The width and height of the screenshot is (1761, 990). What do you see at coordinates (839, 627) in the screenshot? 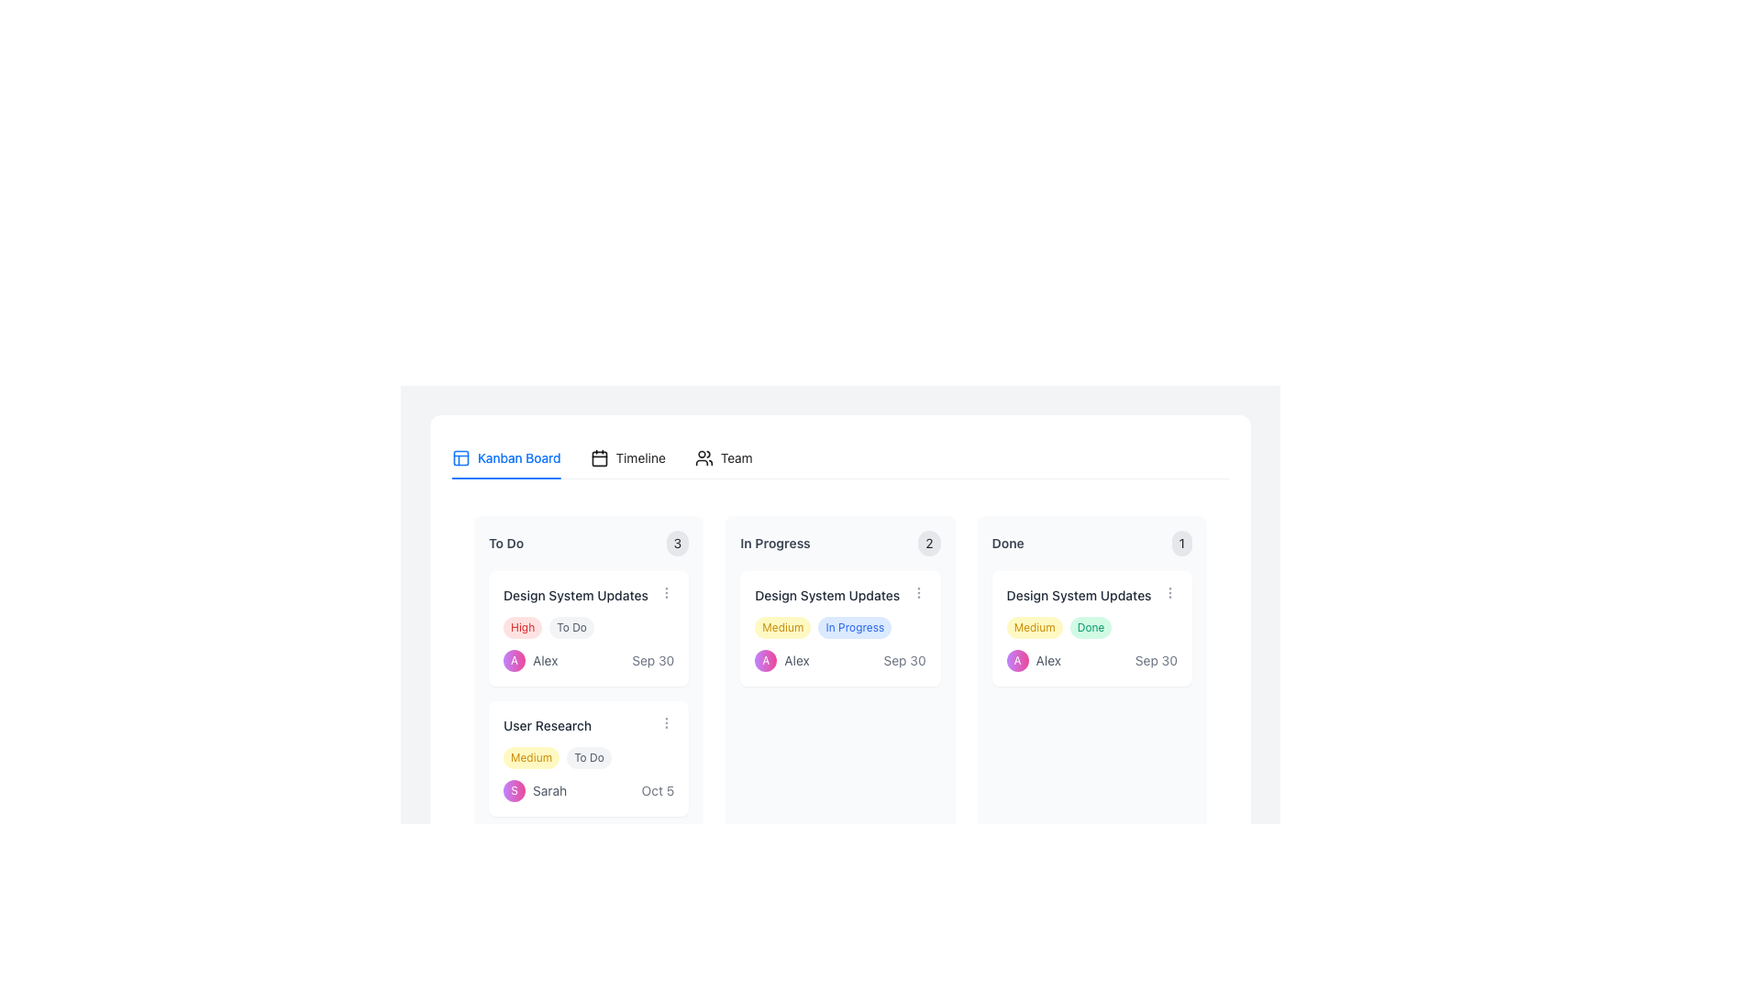
I see `the Label Group consisting of two badges with 'Medium' in gold and 'In Progress' in blue, located under the 'In Progress' column of the 'Design System Updates' card` at bounding box center [839, 627].